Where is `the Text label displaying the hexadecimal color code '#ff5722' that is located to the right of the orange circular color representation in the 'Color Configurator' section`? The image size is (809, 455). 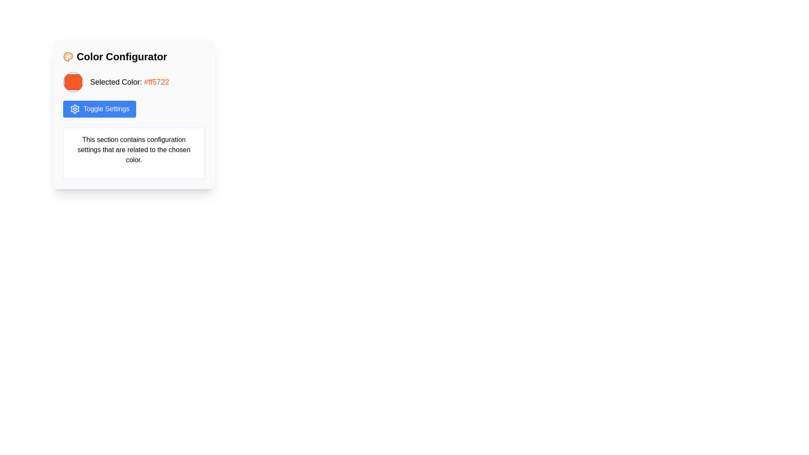 the Text label displaying the hexadecimal color code '#ff5722' that is located to the right of the orange circular color representation in the 'Color Configurator' section is located at coordinates (156, 82).